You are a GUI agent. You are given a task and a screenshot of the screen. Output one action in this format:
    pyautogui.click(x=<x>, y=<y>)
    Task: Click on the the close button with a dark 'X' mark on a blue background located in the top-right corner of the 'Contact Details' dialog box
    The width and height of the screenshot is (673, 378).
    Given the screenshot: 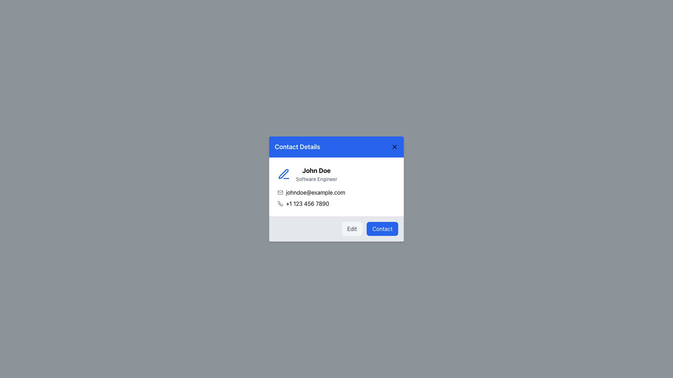 What is the action you would take?
    pyautogui.click(x=395, y=147)
    